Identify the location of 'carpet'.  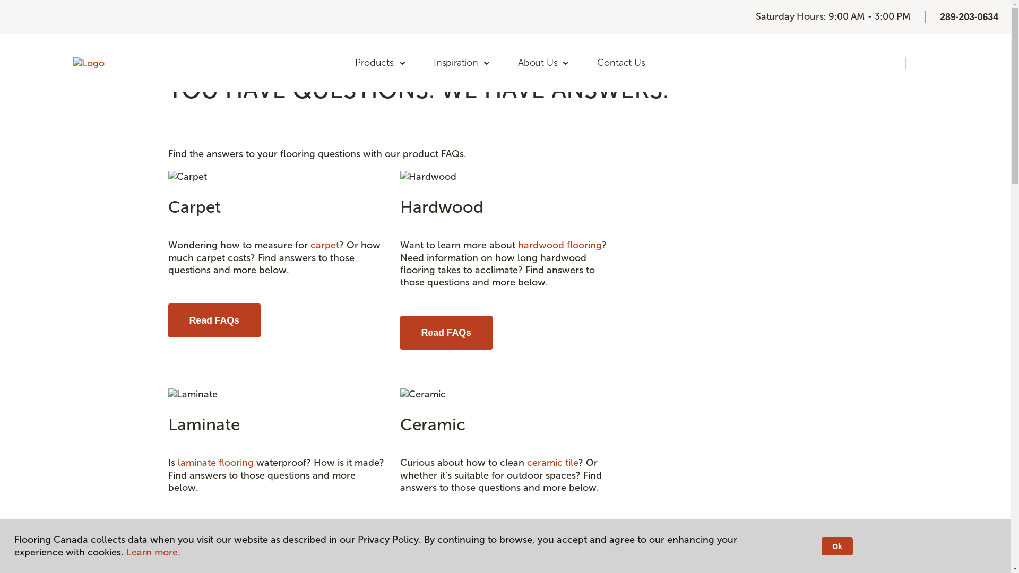
(323, 245).